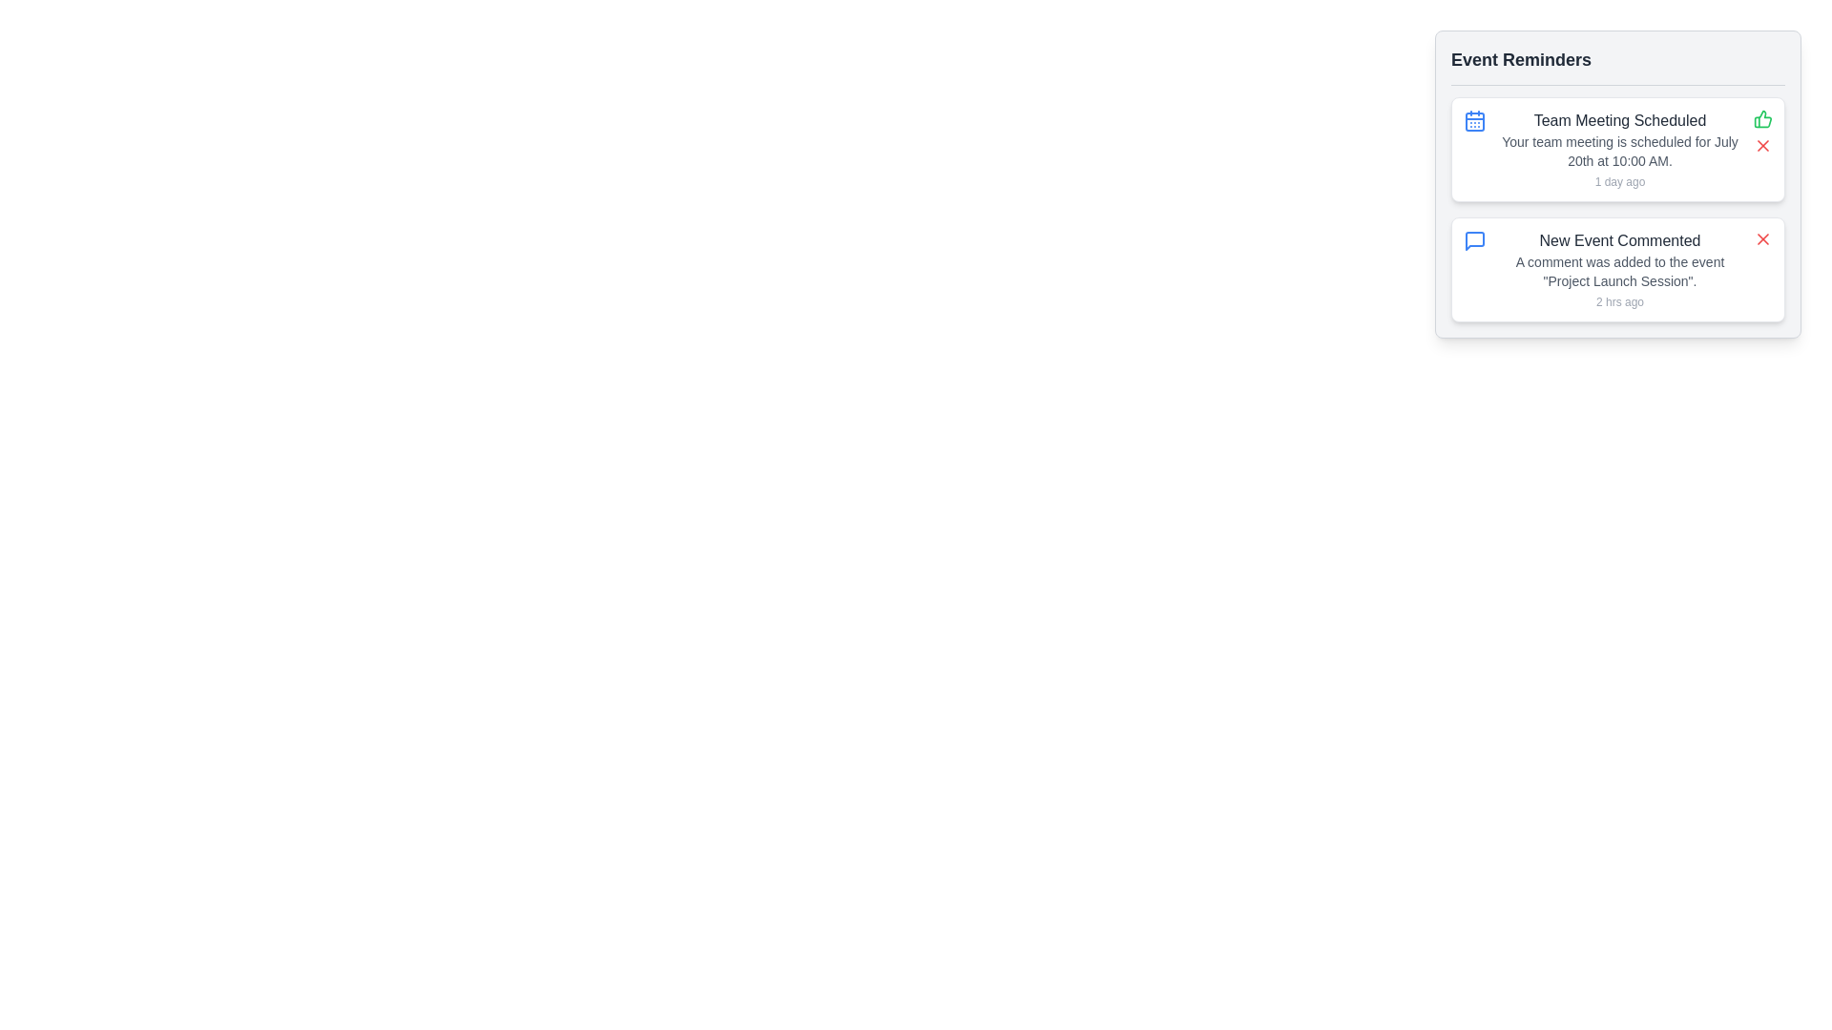 The height and width of the screenshot is (1030, 1832). I want to click on details of the notification card located in the 'Event Reminders' section, specifically the second item in the list, which informs about a comment added to an event, so click(1616, 269).